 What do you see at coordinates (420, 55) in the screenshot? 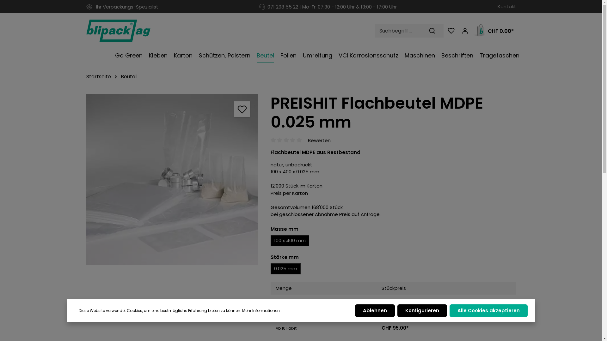
I see `'Maschinen'` at bounding box center [420, 55].